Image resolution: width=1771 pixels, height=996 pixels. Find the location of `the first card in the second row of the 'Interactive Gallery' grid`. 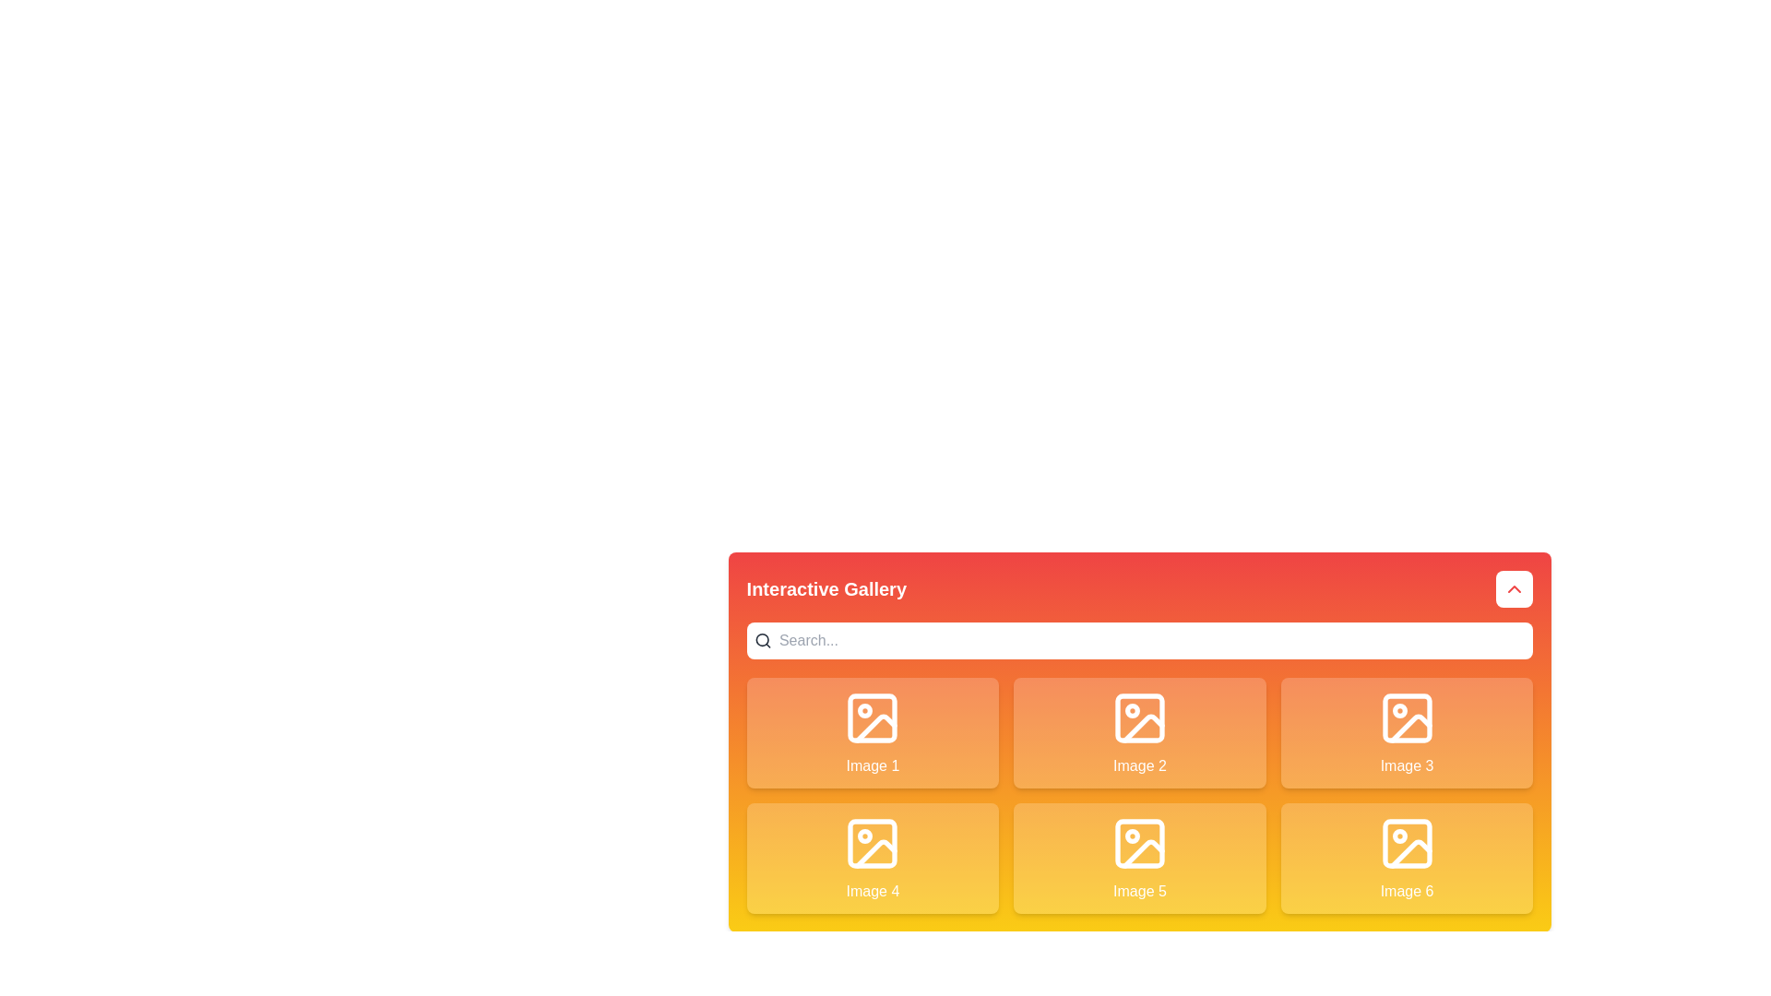

the first card in the second row of the 'Interactive Gallery' grid is located at coordinates (872, 858).